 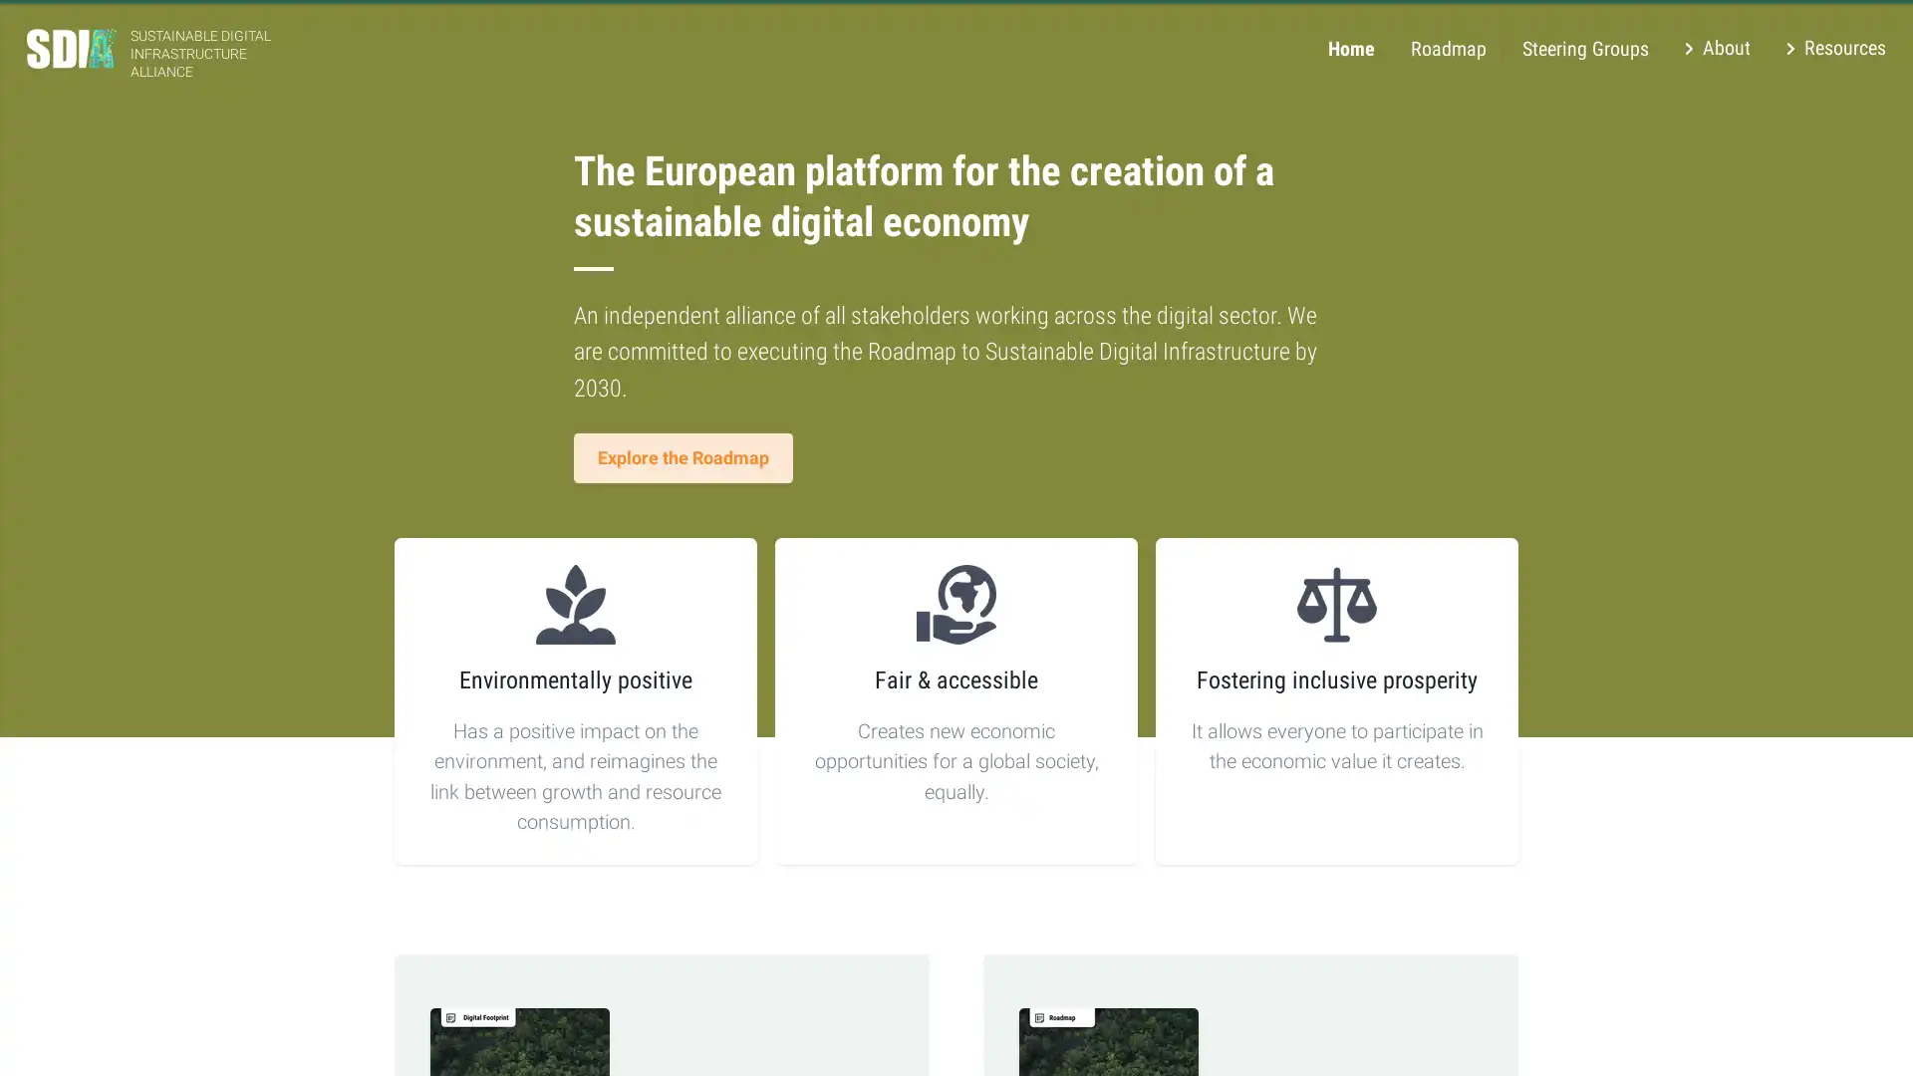 What do you see at coordinates (1318, 140) in the screenshot?
I see `Decline` at bounding box center [1318, 140].